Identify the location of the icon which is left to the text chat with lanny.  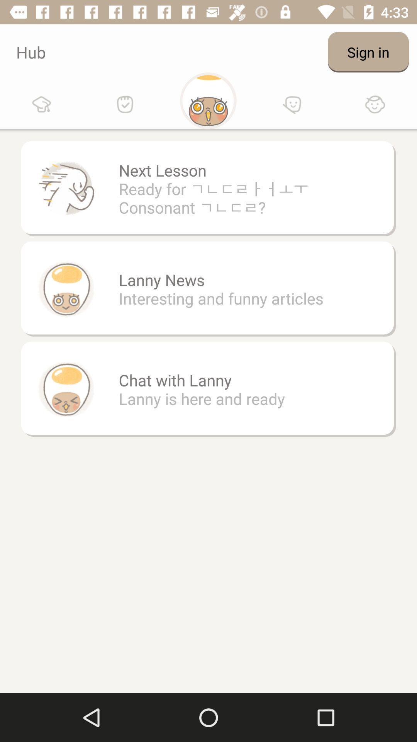
(65, 389).